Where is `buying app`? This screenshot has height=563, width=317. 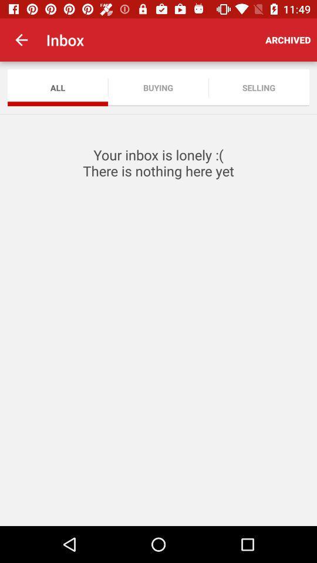 buying app is located at coordinates (158, 87).